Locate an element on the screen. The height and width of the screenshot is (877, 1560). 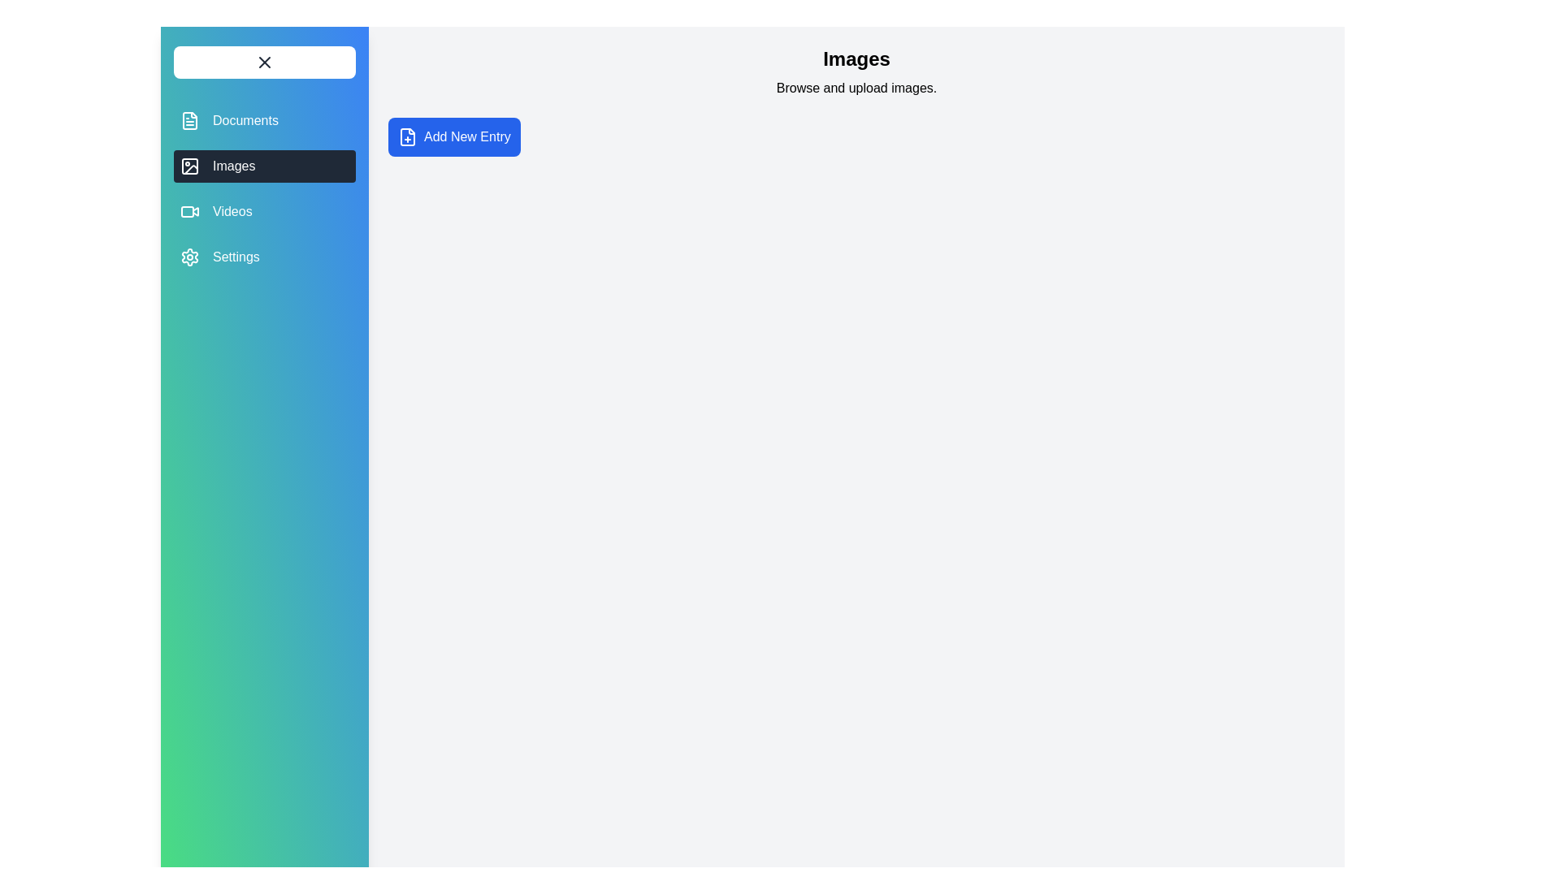
the Documents tab from the navigation menu is located at coordinates (265, 120).